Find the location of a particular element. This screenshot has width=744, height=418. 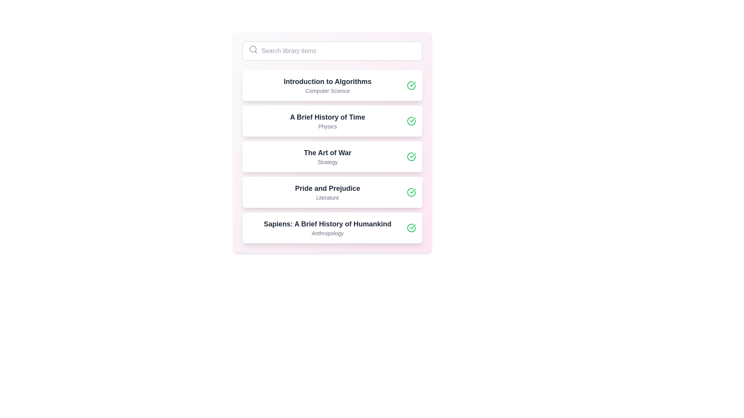

the checkmark icon located within a circular border that indicates a successful status, found to the far right of the row associated with the book 'A Brief History of Time' under the subject 'Physics' is located at coordinates (412, 120).